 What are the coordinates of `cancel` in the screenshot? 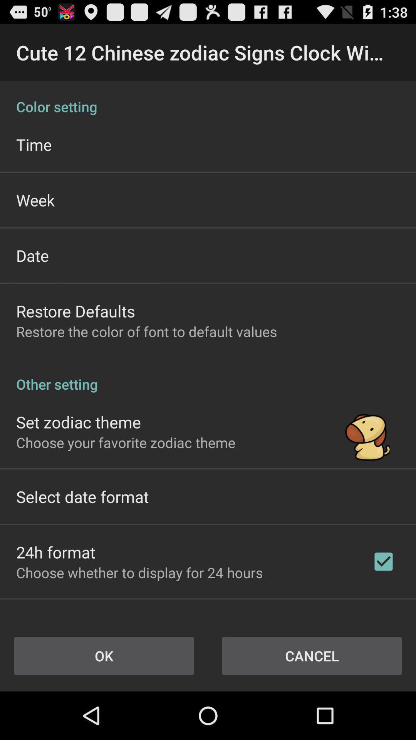 It's located at (312, 656).